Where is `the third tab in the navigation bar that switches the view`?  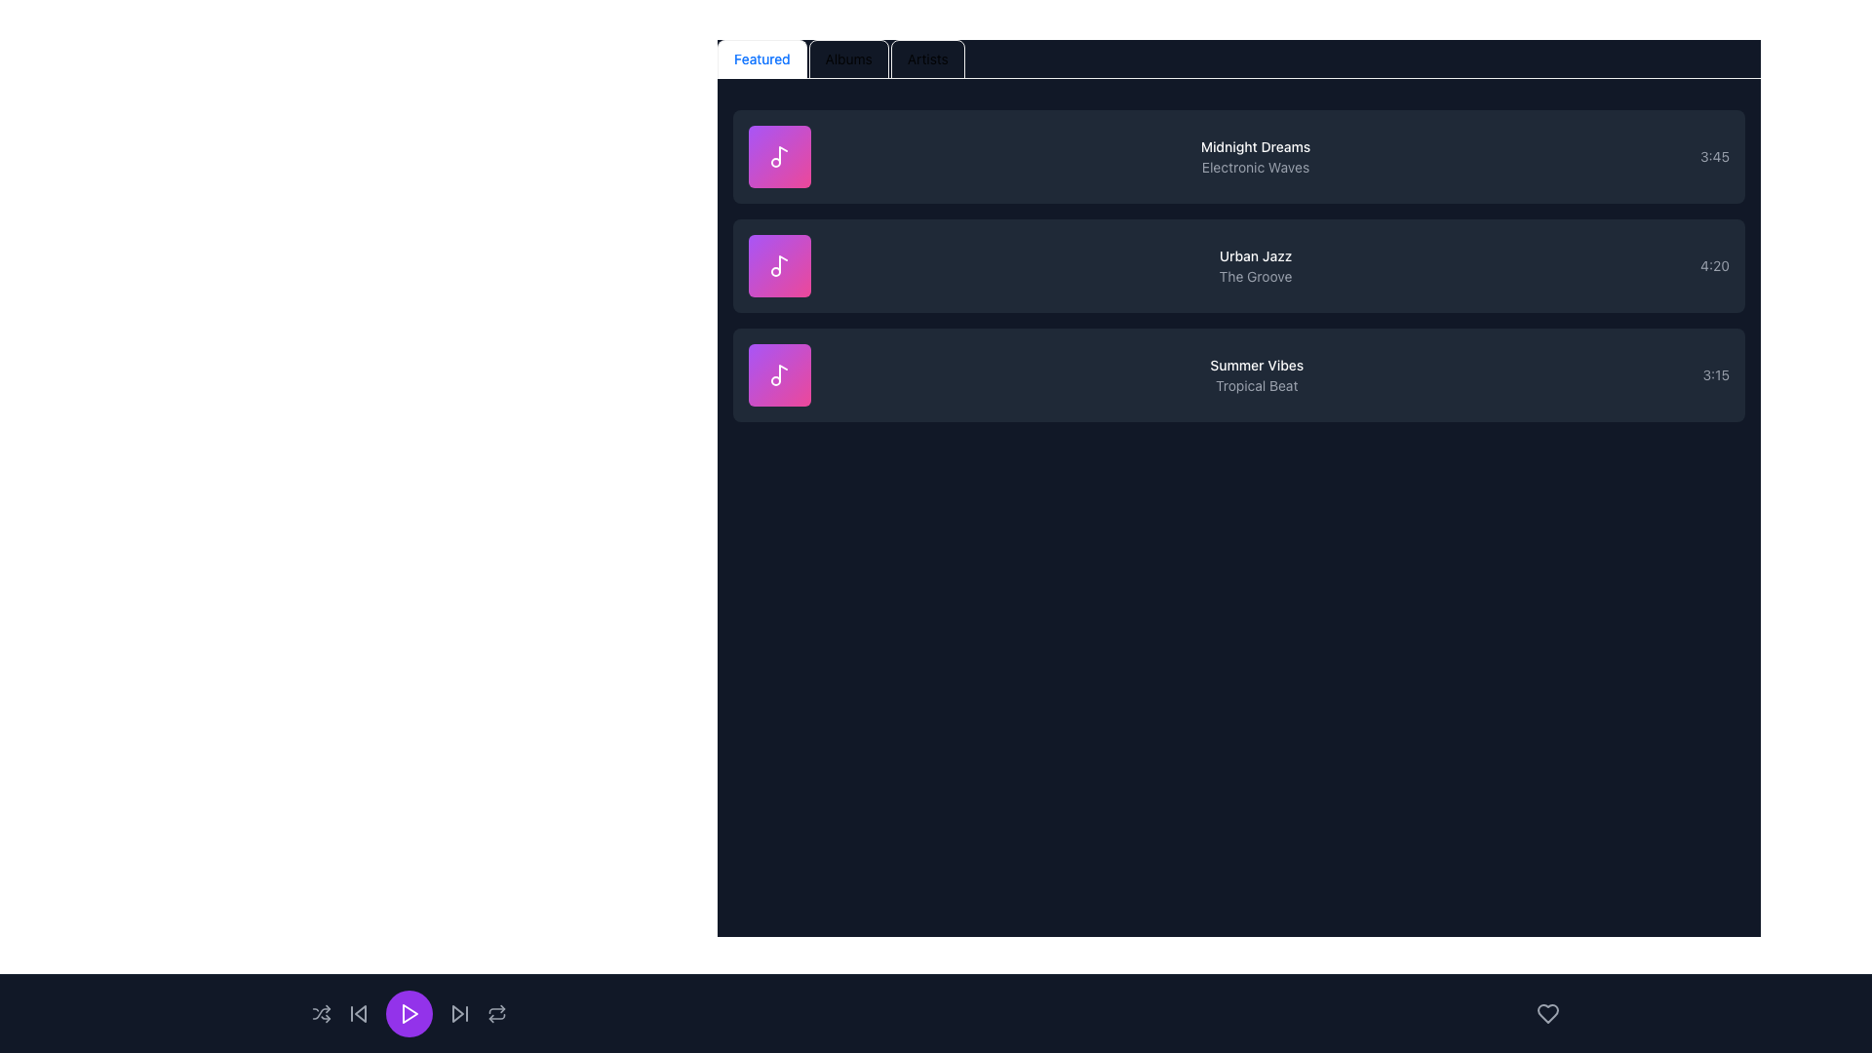
the third tab in the navigation bar that switches the view is located at coordinates (926, 58).